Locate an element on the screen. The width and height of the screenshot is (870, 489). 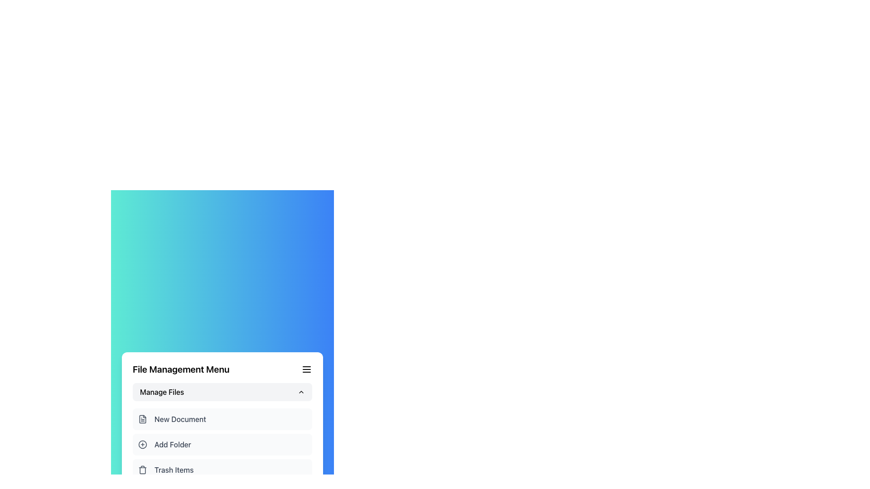
the 'File Management Menu' button is located at coordinates (222, 392).